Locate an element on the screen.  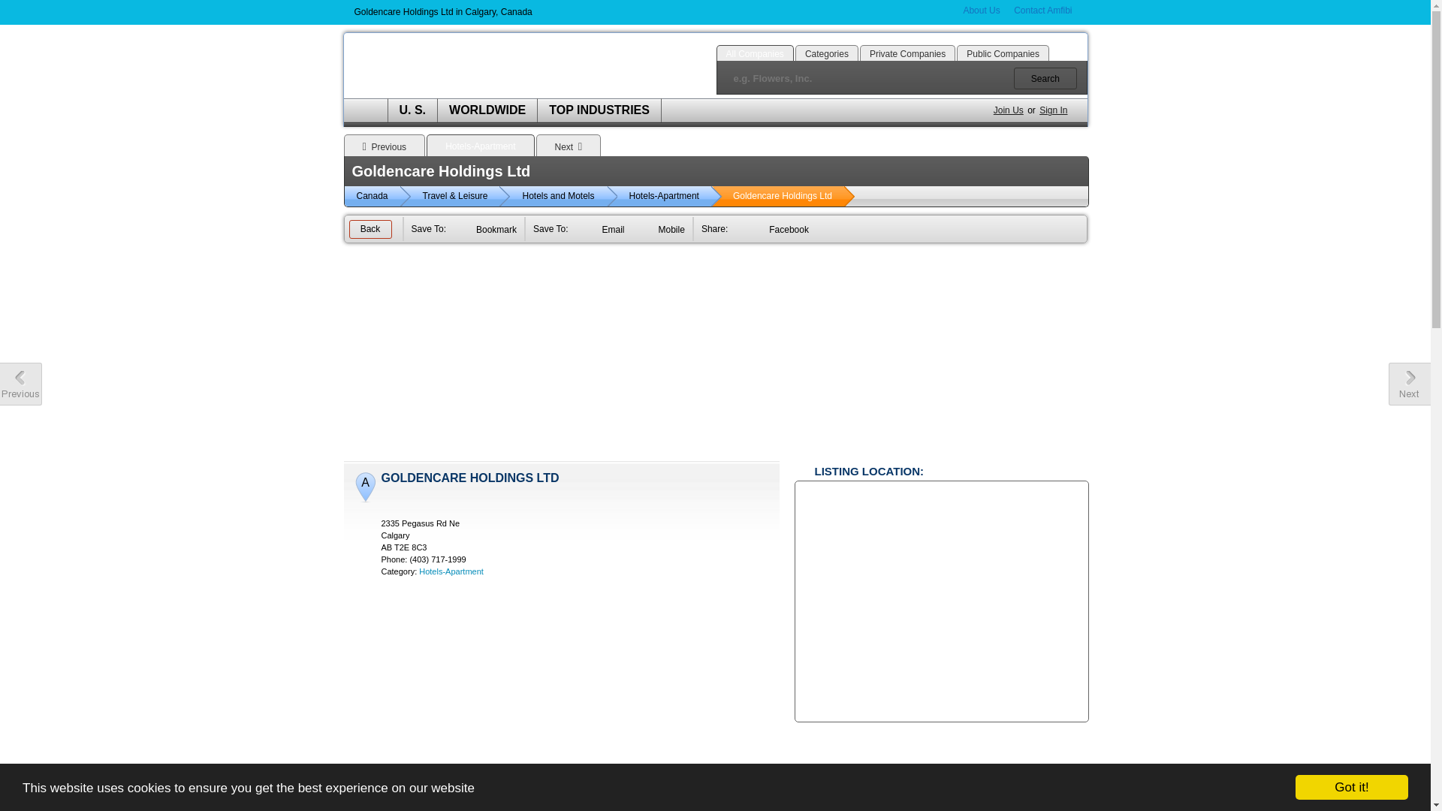
'Private Companies' is located at coordinates (860, 53).